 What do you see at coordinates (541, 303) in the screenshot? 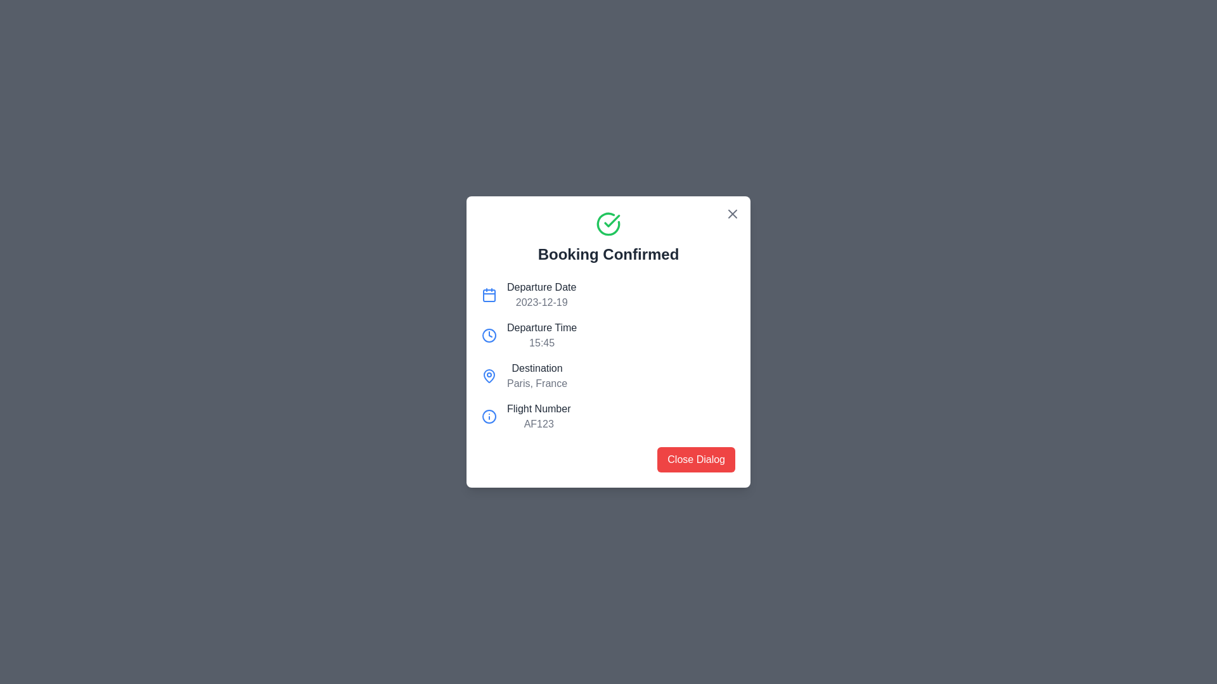
I see `the static text displaying the departure date information in the booking confirmation dialog, located in the second column below 'Booking Confirmed' and next to 'Departure Date'` at bounding box center [541, 303].